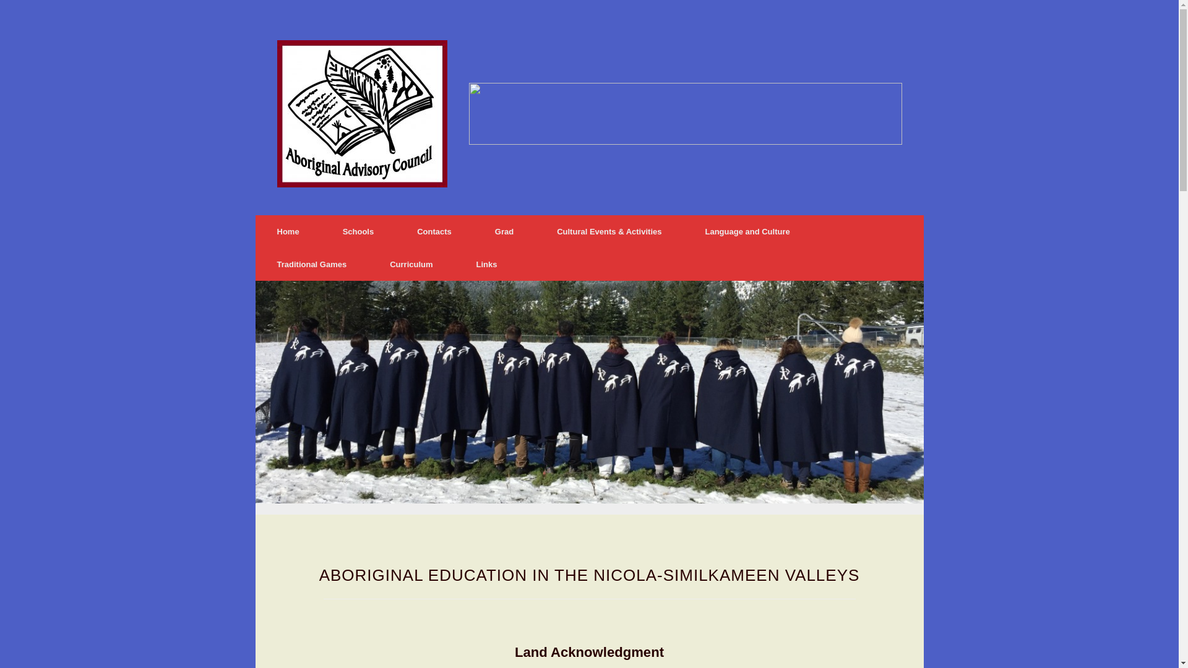 This screenshot has width=1188, height=668. Describe the element at coordinates (486, 263) in the screenshot. I see `'Links'` at that location.